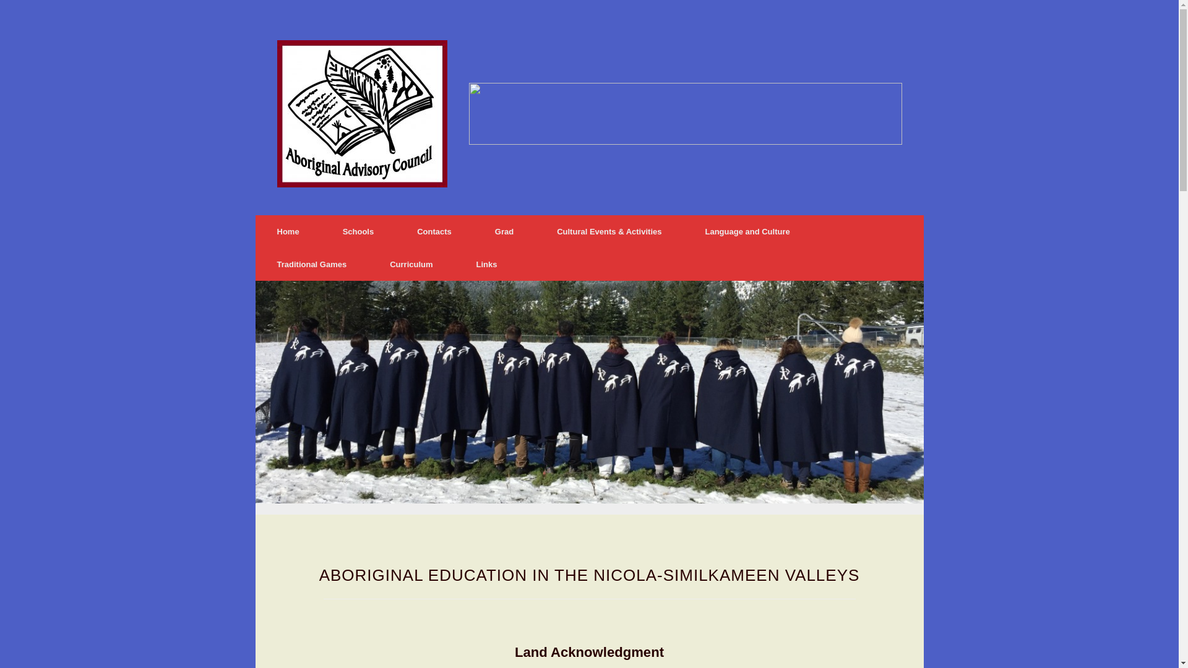 This screenshot has width=1188, height=668. Describe the element at coordinates (486, 263) in the screenshot. I see `'Links'` at that location.